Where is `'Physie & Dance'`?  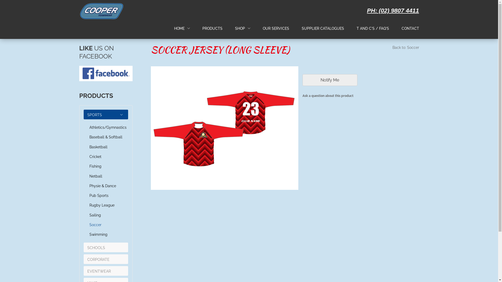
'Physie & Dance' is located at coordinates (105, 186).